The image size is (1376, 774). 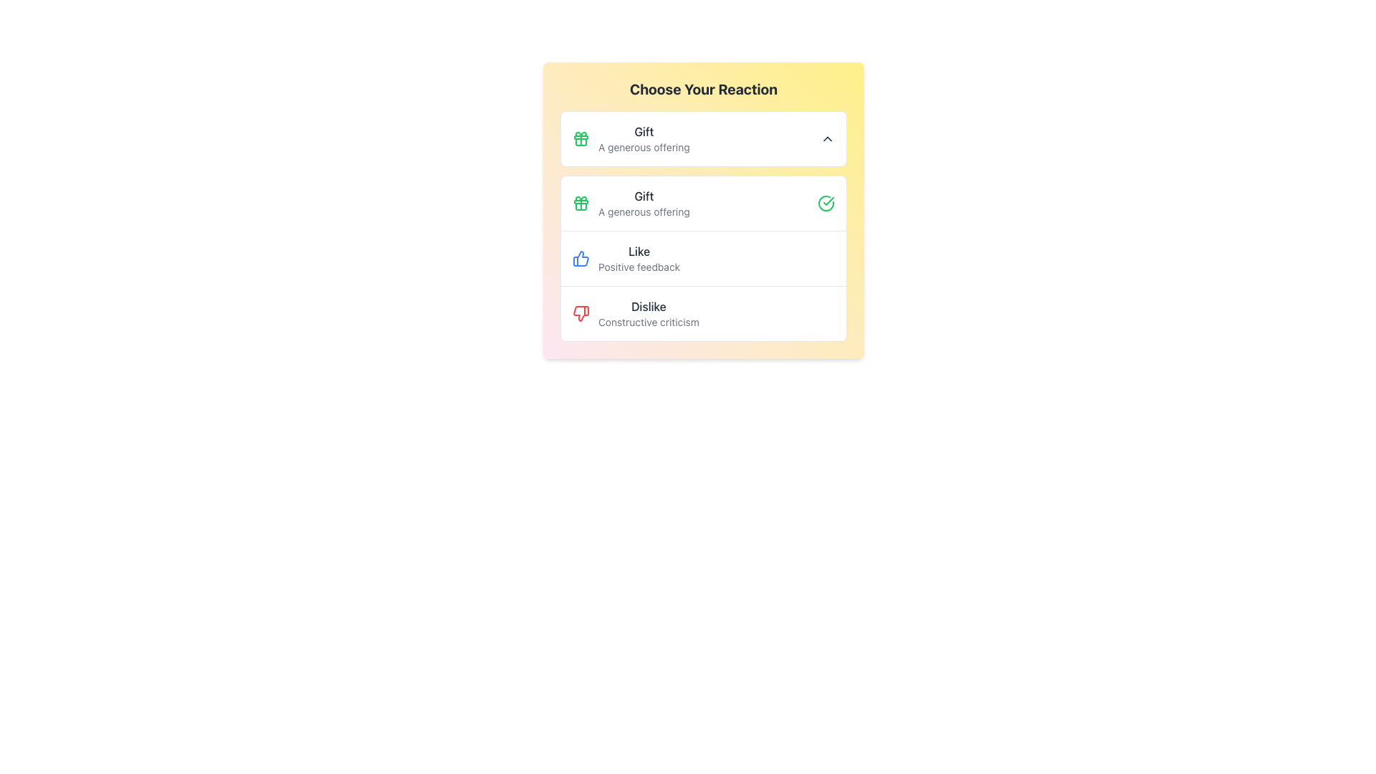 What do you see at coordinates (643, 196) in the screenshot?
I see `text label indicating 'Gift' in the menu titled 'Choose Your Reaction', located between the first 'Gift' entry and the 'Like' entry` at bounding box center [643, 196].